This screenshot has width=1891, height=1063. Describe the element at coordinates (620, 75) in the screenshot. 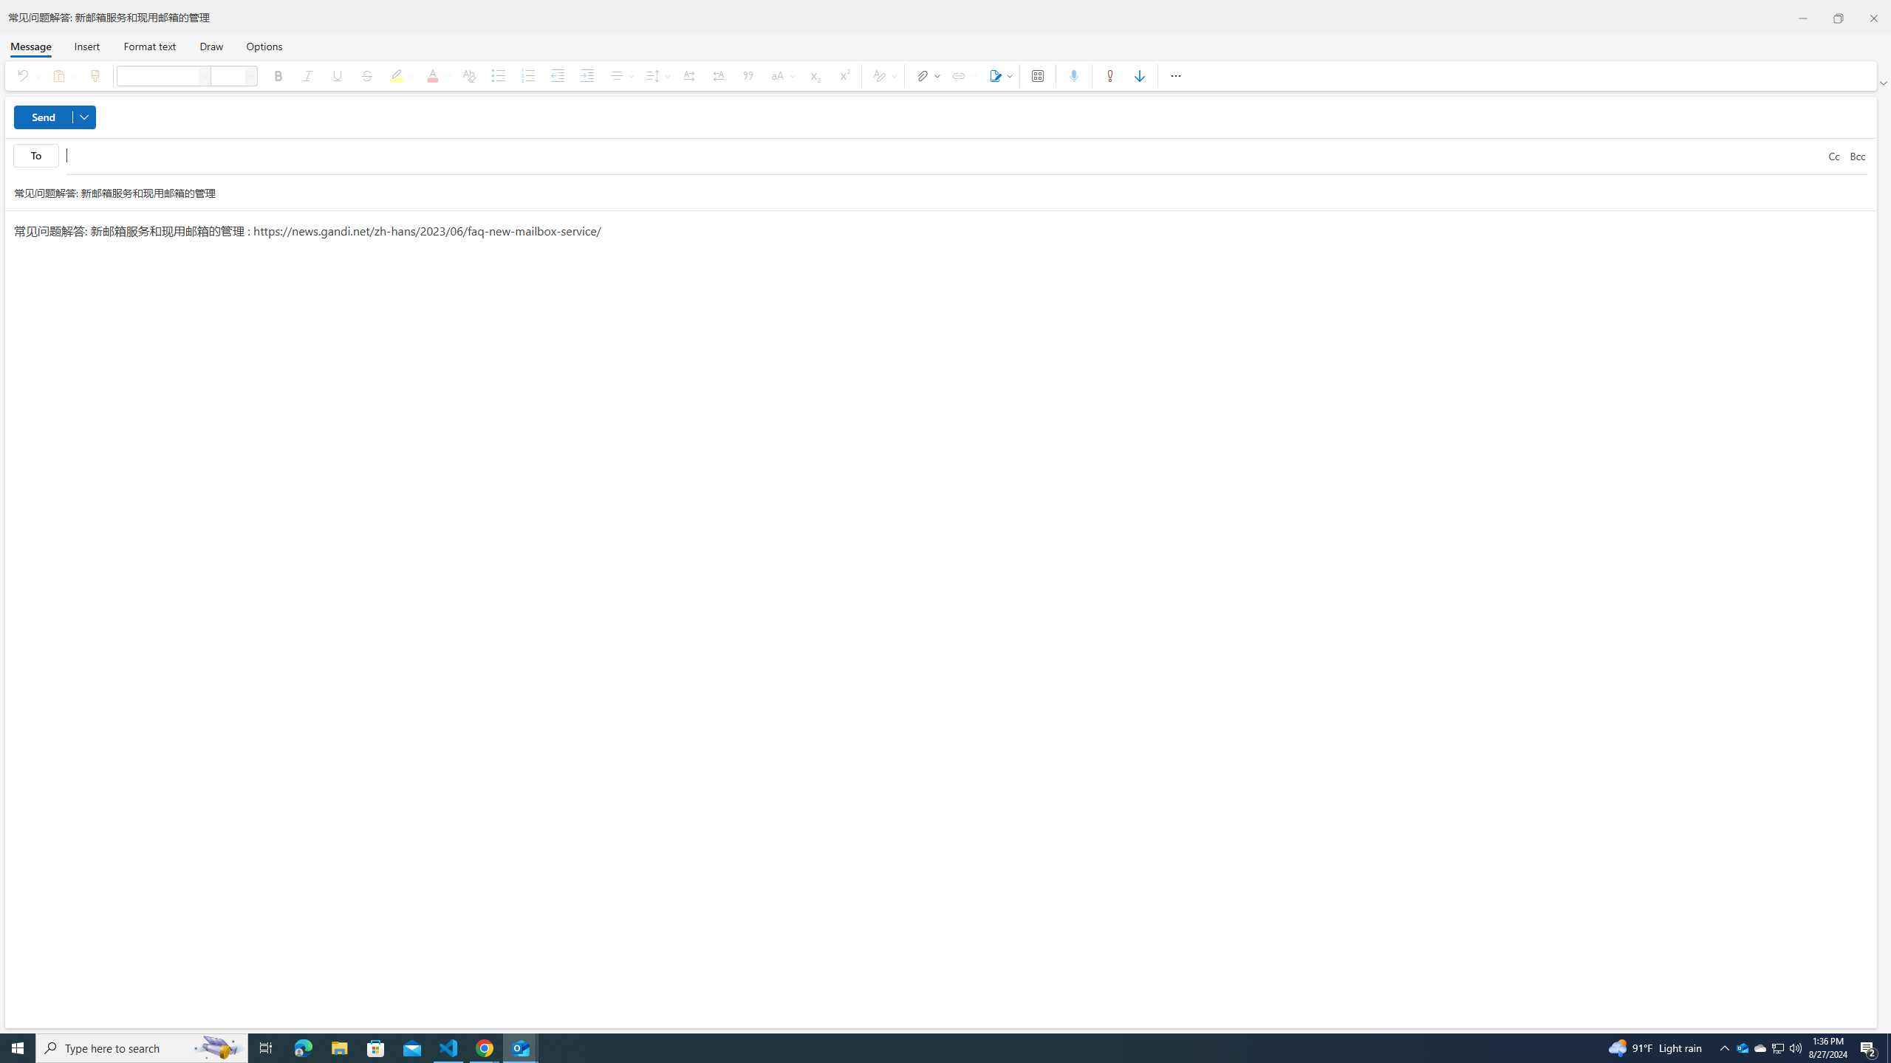

I see `'Align'` at that location.